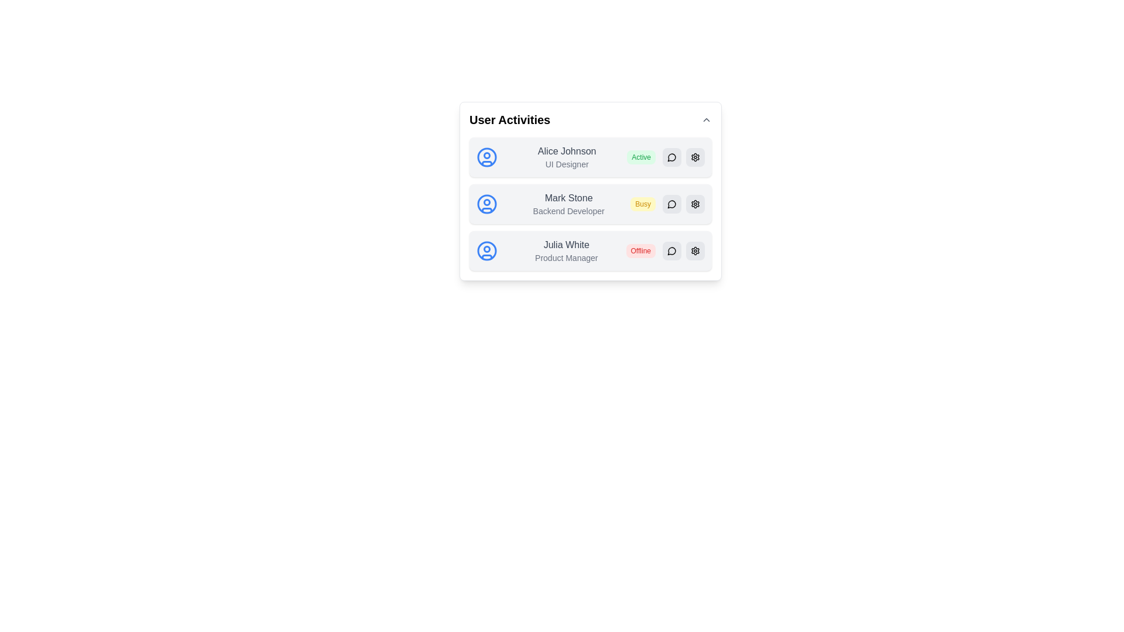  Describe the element at coordinates (695, 203) in the screenshot. I see `the settings button for 'Mark Stone', located on the right side of the second row in the 'User Activities' list, to observe the hover effect` at that location.